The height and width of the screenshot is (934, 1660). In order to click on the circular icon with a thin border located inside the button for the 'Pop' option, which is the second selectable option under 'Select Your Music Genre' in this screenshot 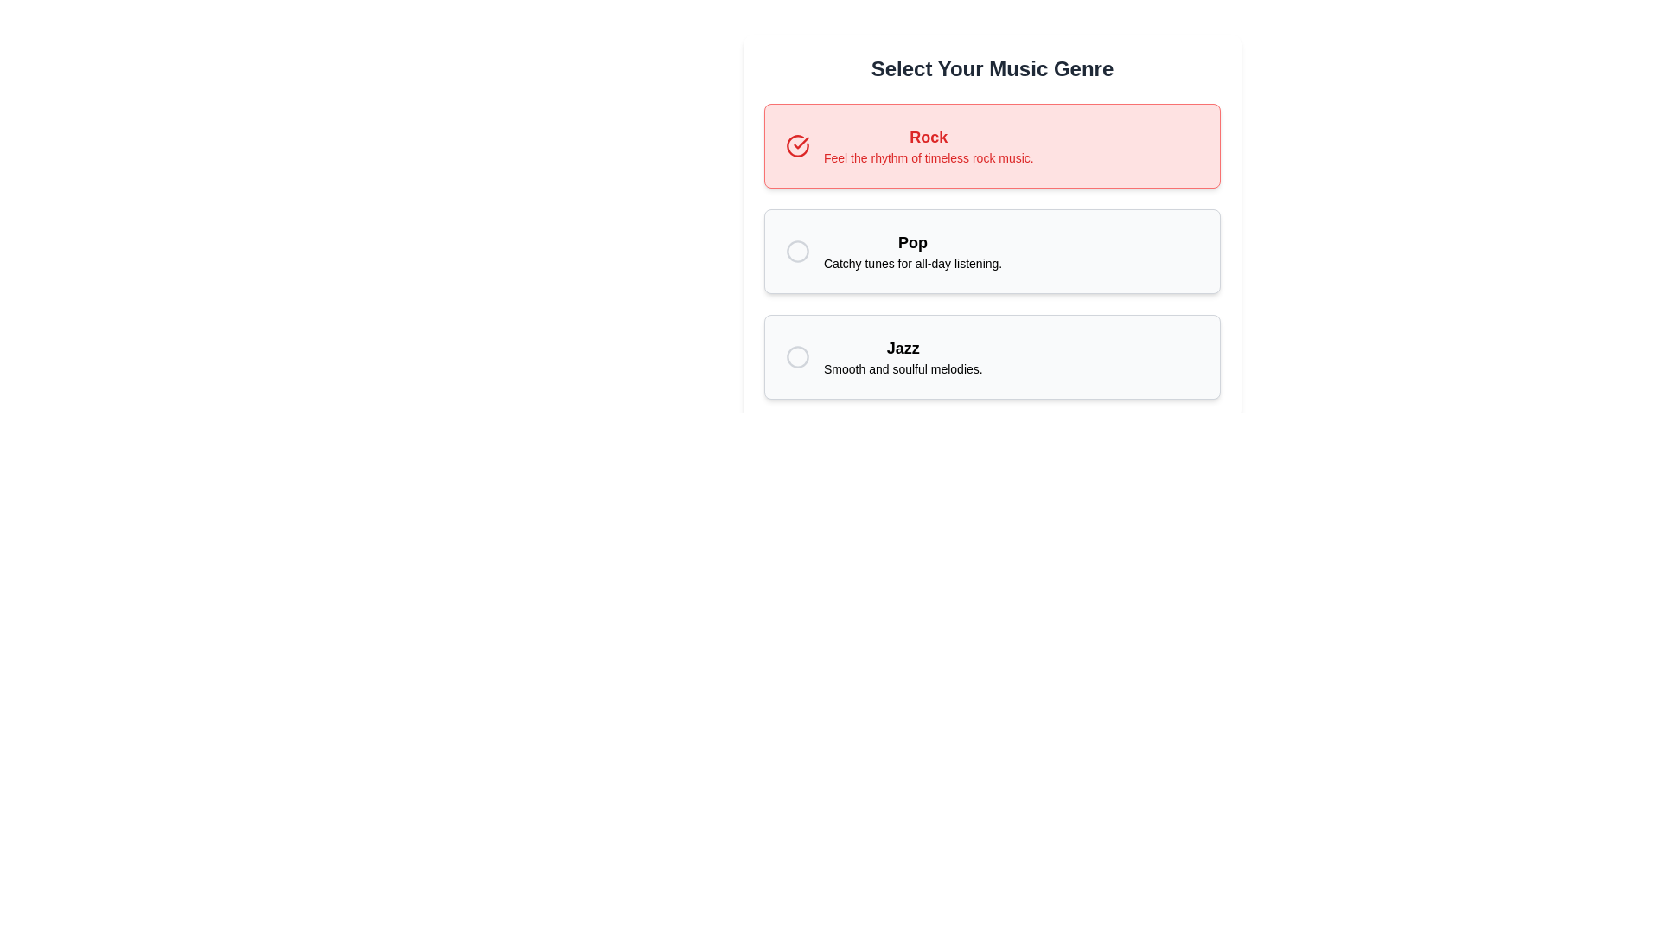, I will do `click(796, 251)`.